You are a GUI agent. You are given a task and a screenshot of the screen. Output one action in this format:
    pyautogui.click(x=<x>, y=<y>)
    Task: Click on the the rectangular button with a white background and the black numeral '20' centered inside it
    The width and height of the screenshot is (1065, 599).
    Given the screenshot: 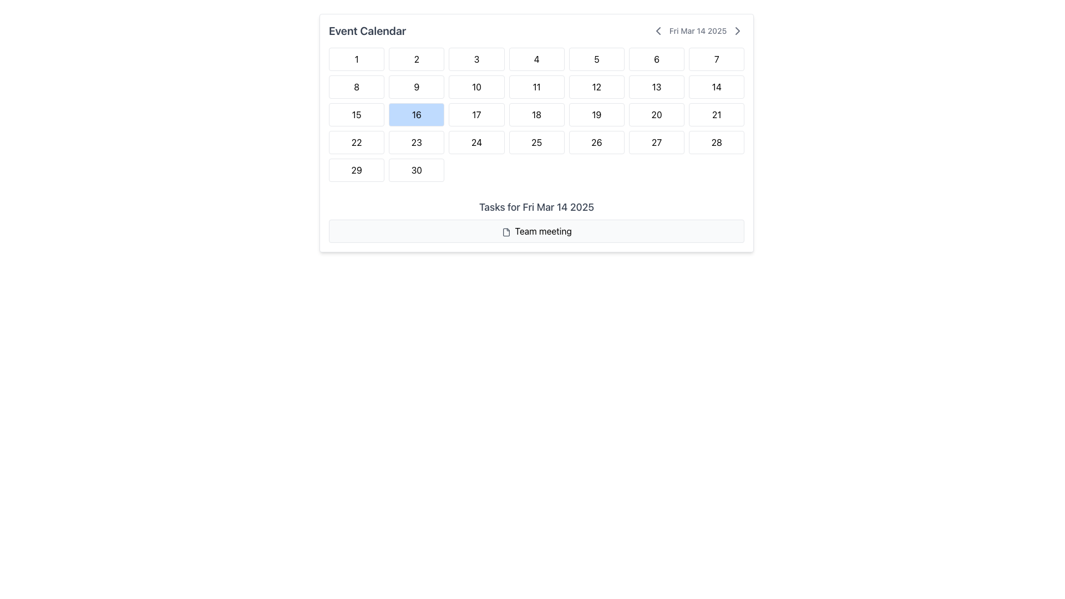 What is the action you would take?
    pyautogui.click(x=657, y=115)
    